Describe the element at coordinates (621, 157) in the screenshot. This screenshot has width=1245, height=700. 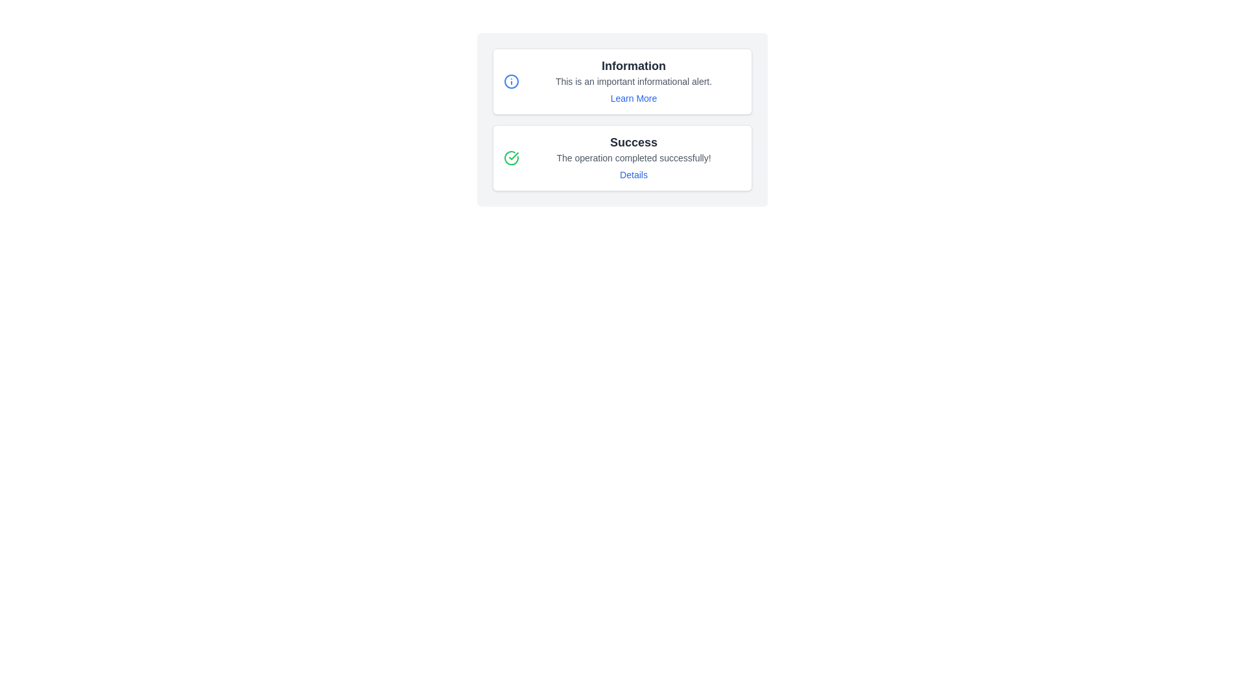
I see `the Notification Box located below the 'Information' notification box in the main content area` at that location.